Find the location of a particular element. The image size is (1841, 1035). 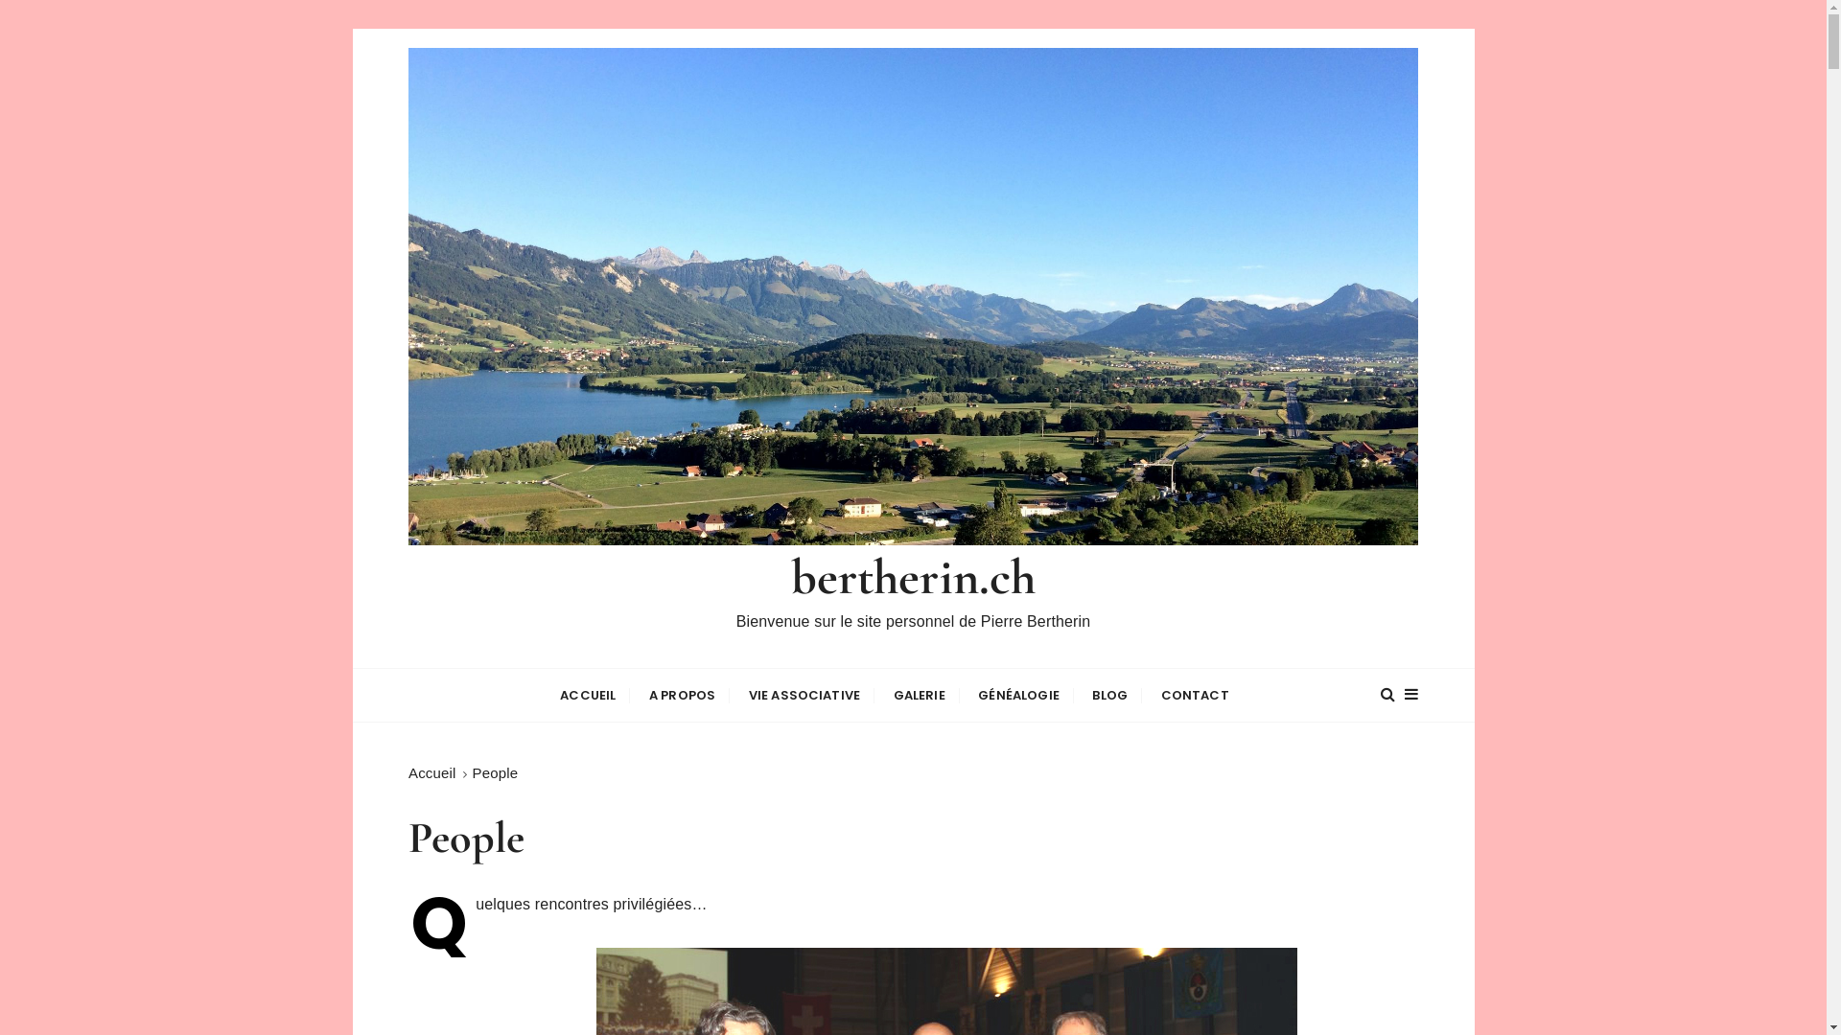

'A PROPOS' is located at coordinates (682, 695).